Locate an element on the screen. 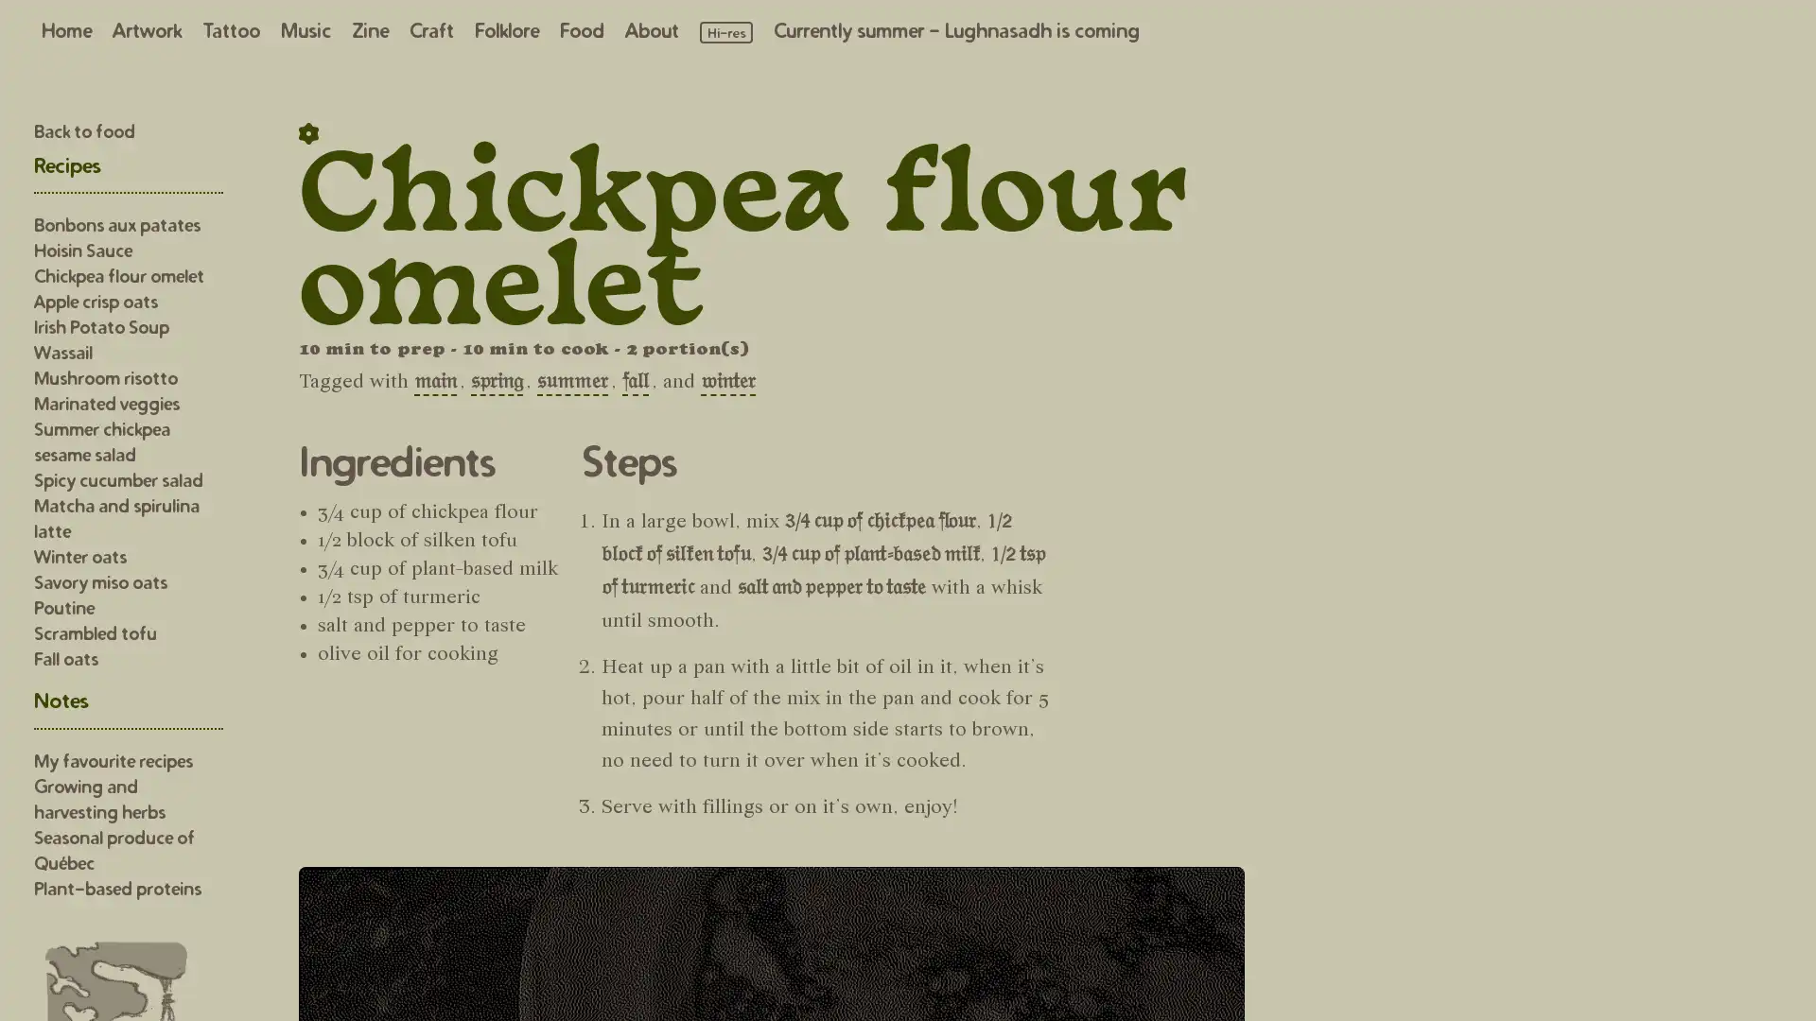 The image size is (1816, 1021). Load high resolution images is located at coordinates (725, 32).